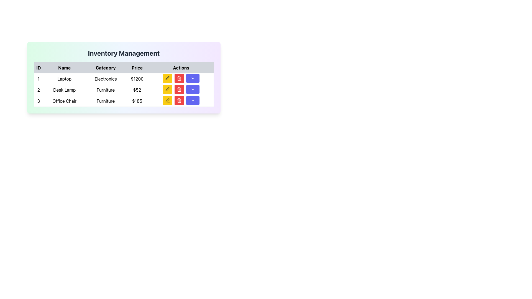 This screenshot has height=299, width=532. I want to click on the edit action button in the third row of the table's 'Actions' column, so click(167, 100).